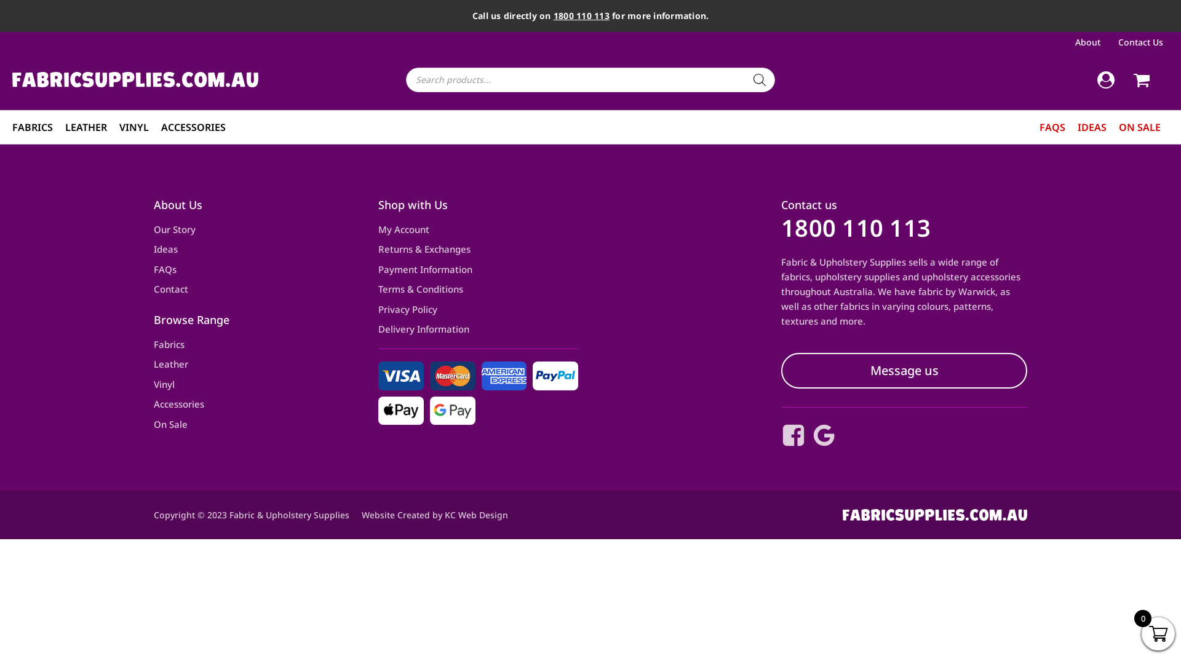 The width and height of the screenshot is (1181, 664). I want to click on 'IDEAS', so click(1092, 127).